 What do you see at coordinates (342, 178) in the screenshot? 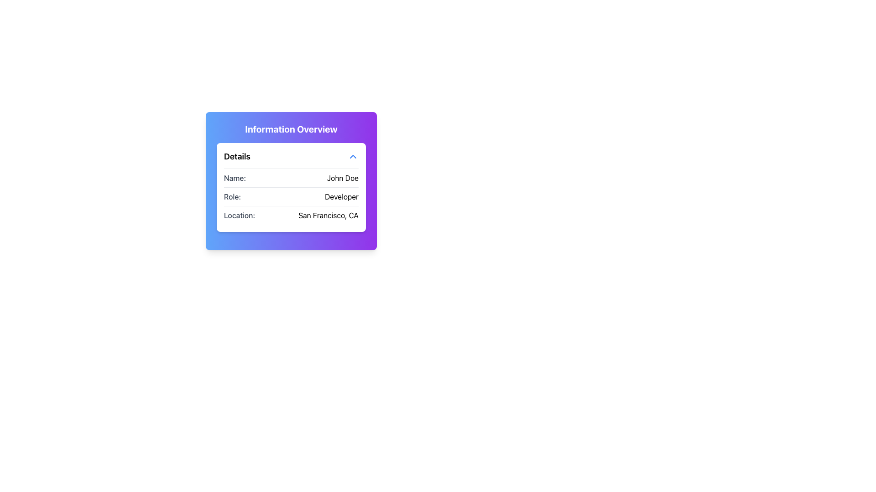
I see `the label displaying the text 'John Doe', which is positioned to the right of the label 'Name:' in the user details section` at bounding box center [342, 178].